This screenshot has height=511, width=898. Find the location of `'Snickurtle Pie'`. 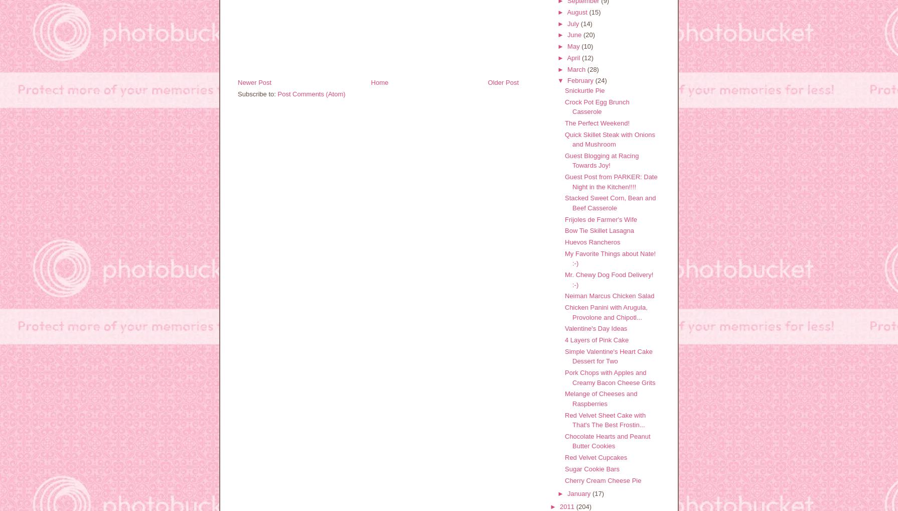

'Snickurtle Pie' is located at coordinates (565, 90).